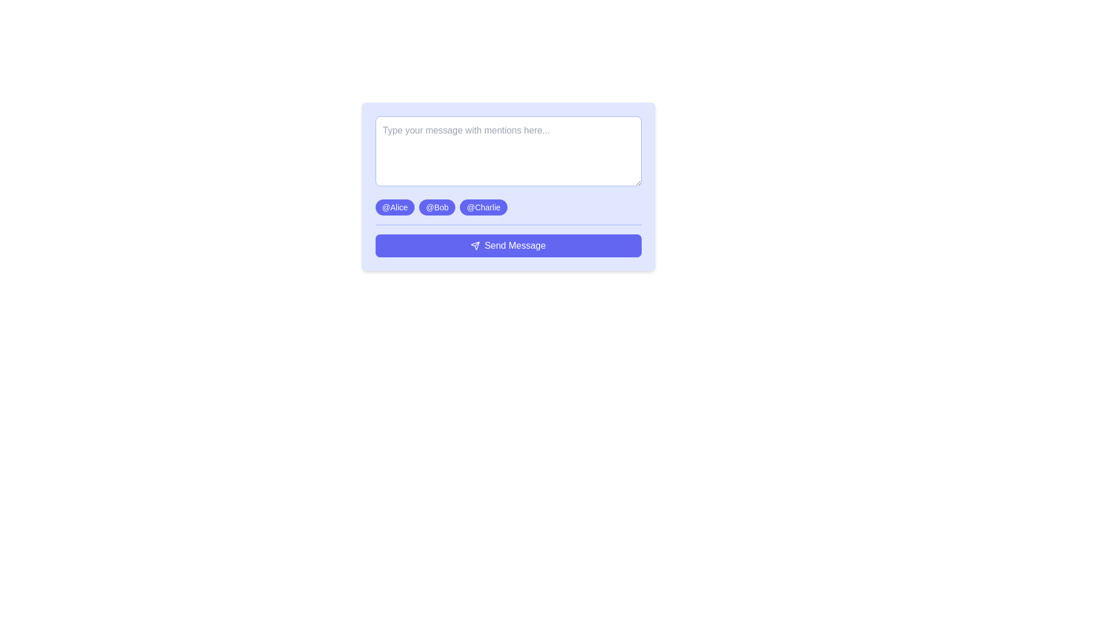 The image size is (1101, 619). What do you see at coordinates (507, 186) in the screenshot?
I see `the buttons within the messaging interface to tag users, located in the light blue section of the composite widget` at bounding box center [507, 186].